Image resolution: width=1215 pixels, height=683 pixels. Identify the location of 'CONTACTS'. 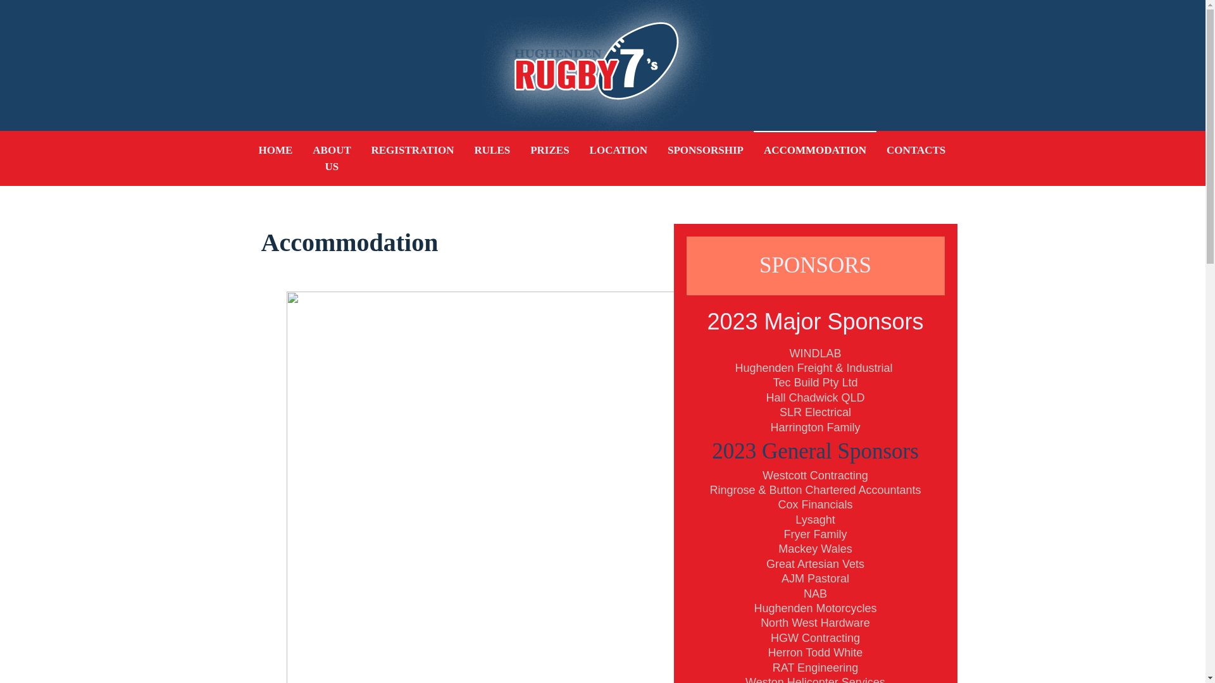
(916, 150).